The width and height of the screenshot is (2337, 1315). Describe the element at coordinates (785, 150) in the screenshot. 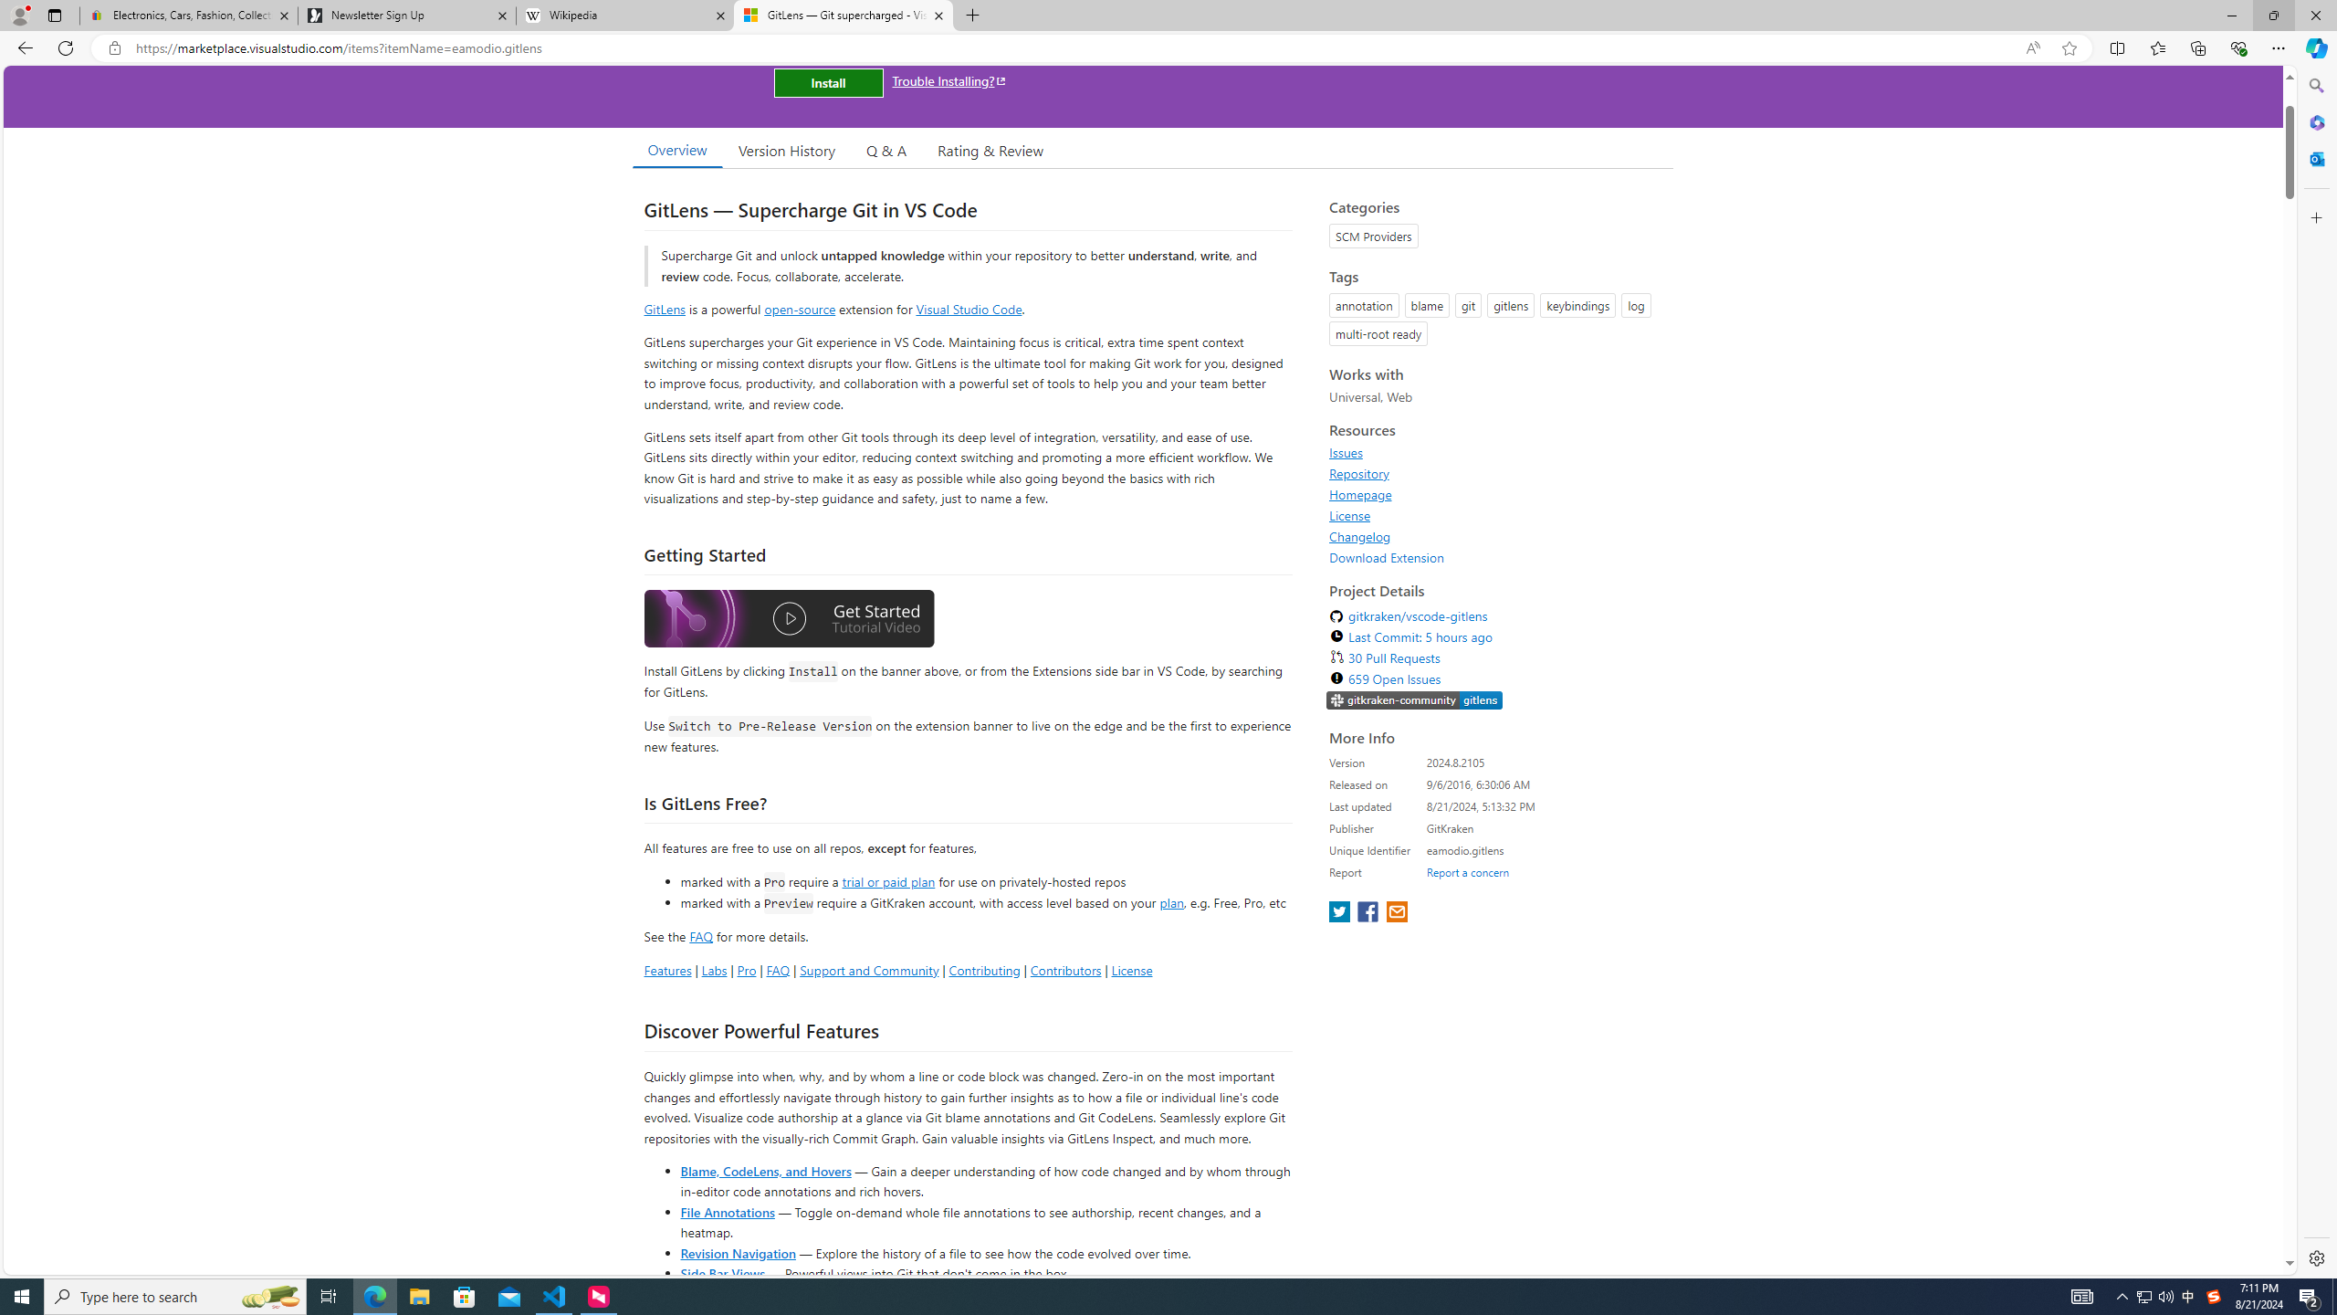

I see `'Version History'` at that location.